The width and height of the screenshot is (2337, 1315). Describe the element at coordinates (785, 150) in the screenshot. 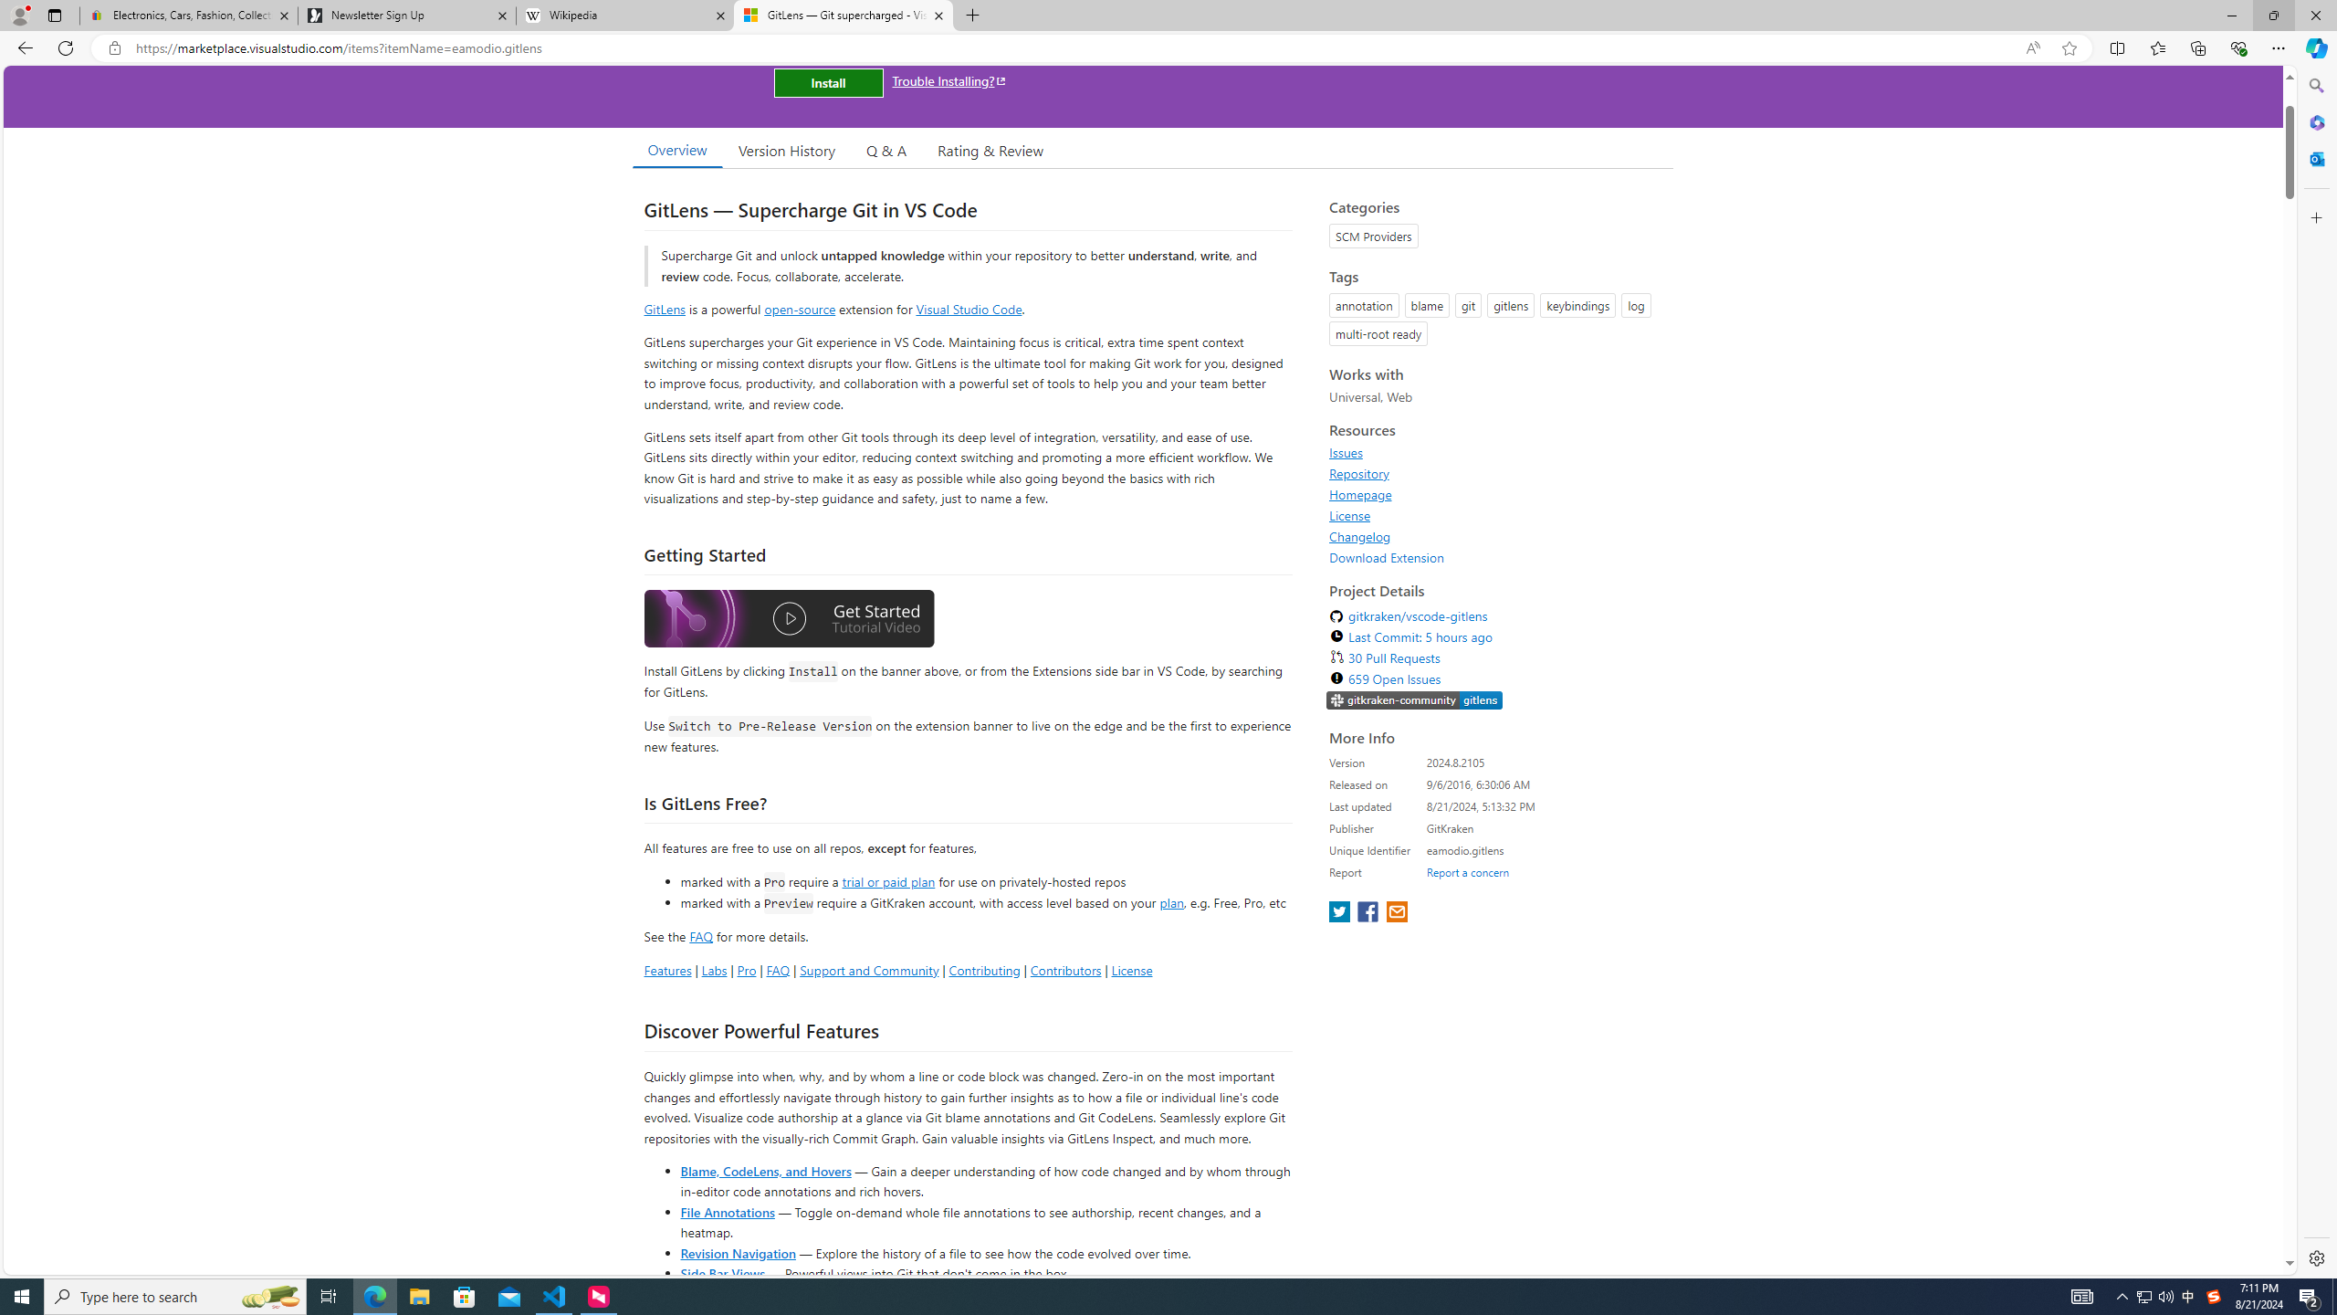

I see `'Version History'` at that location.